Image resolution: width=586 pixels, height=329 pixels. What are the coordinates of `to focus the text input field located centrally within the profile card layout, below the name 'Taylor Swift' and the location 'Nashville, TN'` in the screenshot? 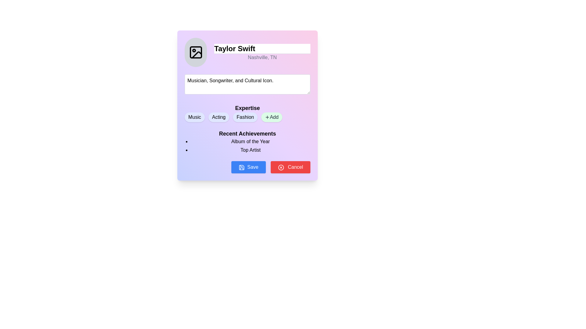 It's located at (248, 84).